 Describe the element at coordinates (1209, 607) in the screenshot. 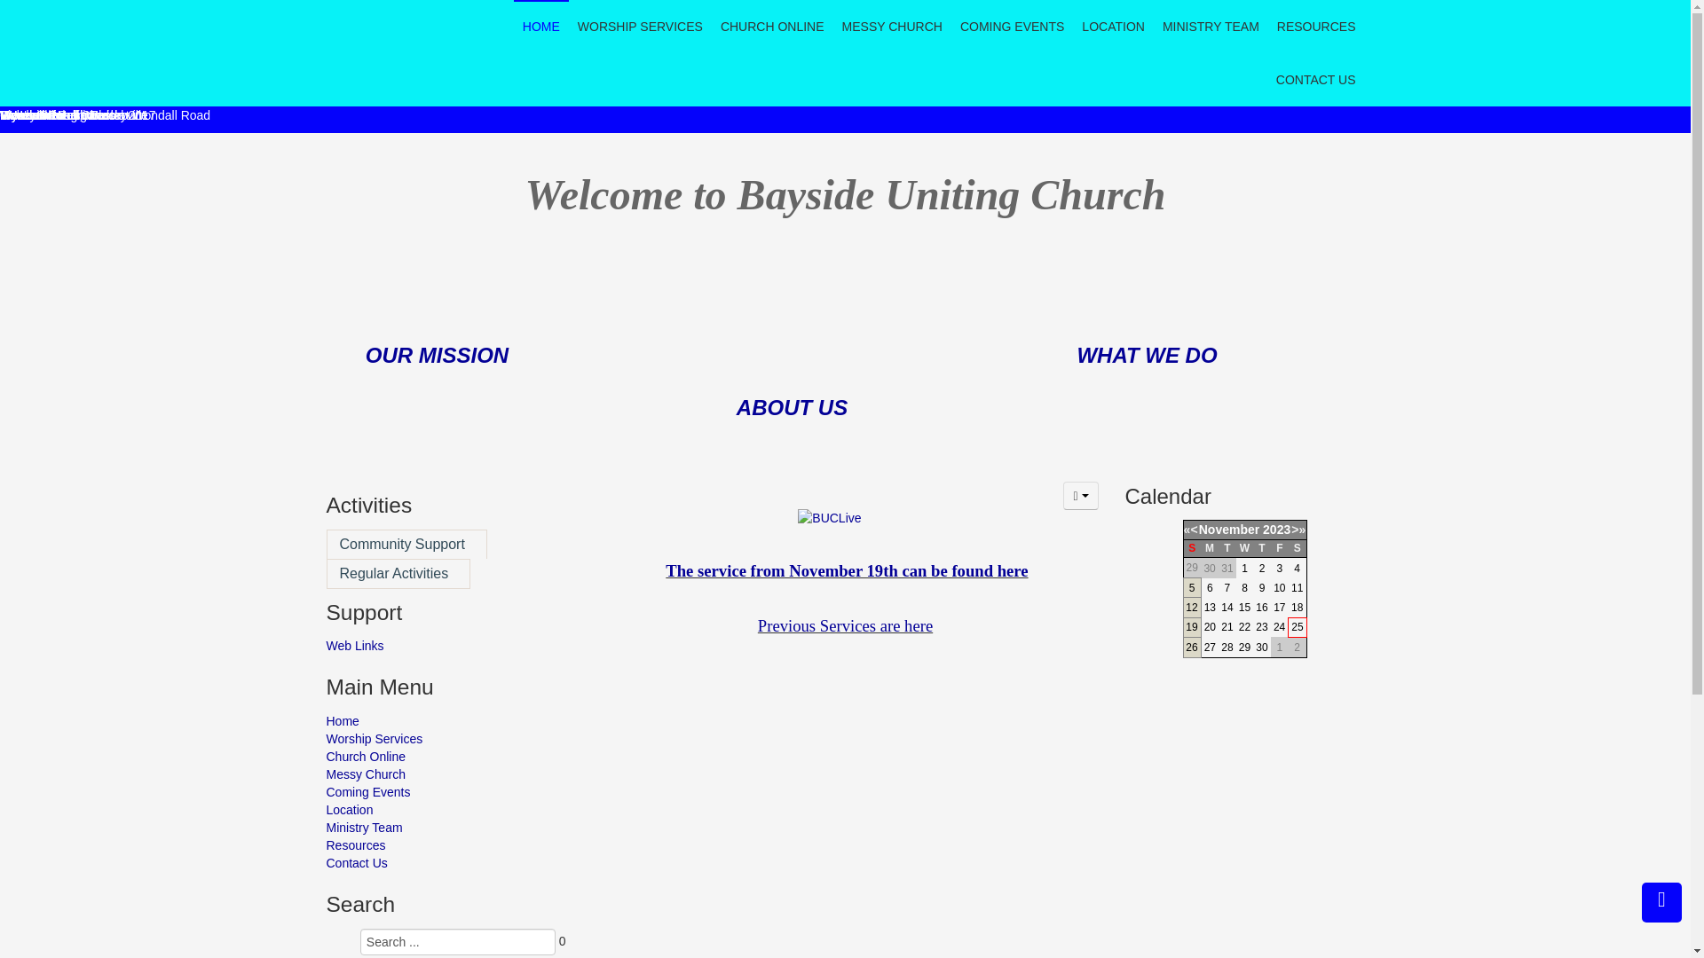

I see `'13'` at that location.